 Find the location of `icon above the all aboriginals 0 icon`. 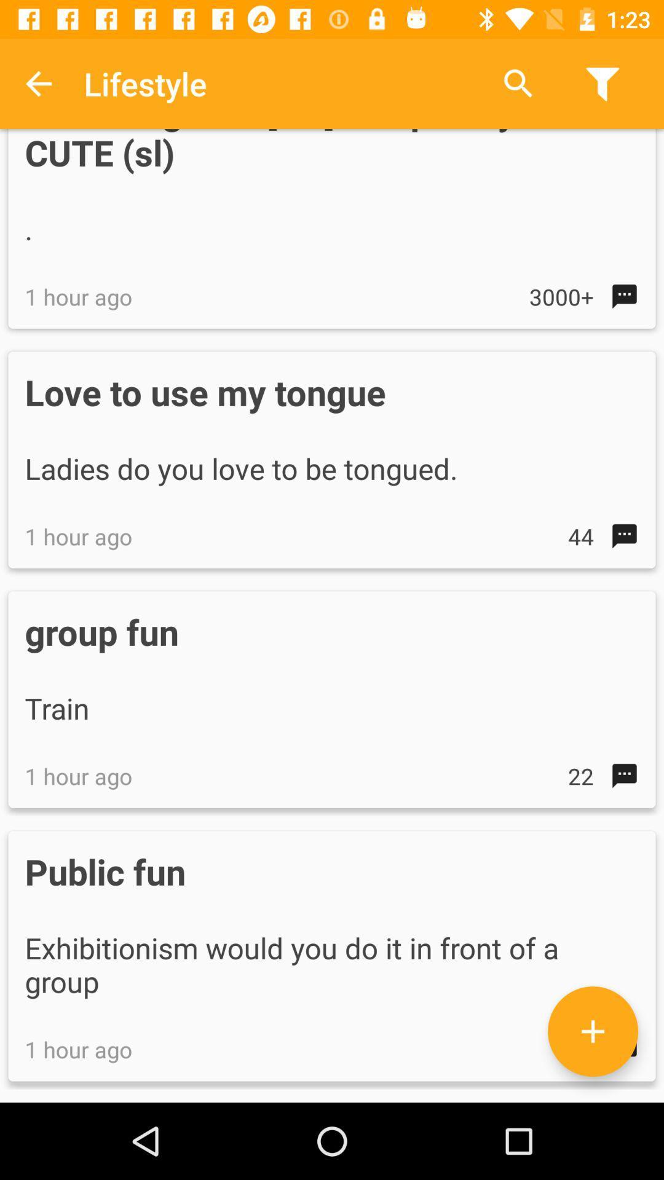

icon above the all aboriginals 0 icon is located at coordinates (38, 83).